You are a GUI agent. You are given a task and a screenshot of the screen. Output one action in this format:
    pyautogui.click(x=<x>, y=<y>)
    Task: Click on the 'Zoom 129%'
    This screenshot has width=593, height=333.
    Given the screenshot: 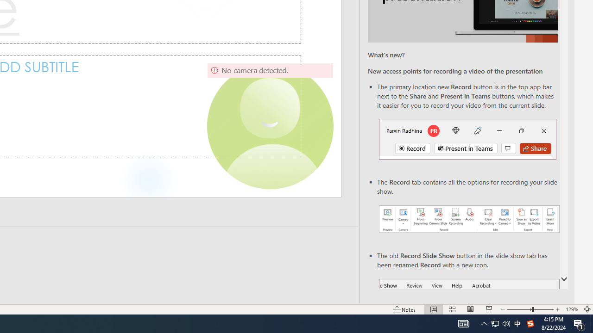 What is the action you would take?
    pyautogui.click(x=571, y=309)
    